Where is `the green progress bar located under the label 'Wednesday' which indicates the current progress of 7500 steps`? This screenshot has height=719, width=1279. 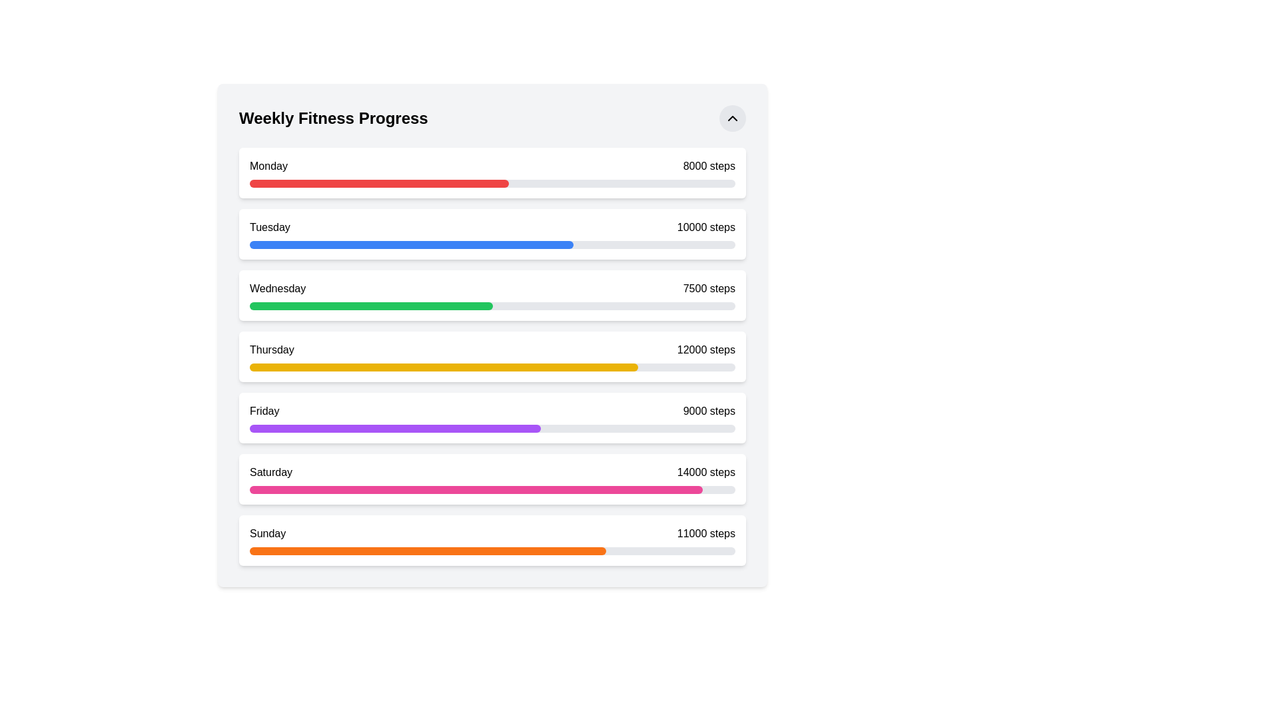 the green progress bar located under the label 'Wednesday' which indicates the current progress of 7500 steps is located at coordinates (371, 306).